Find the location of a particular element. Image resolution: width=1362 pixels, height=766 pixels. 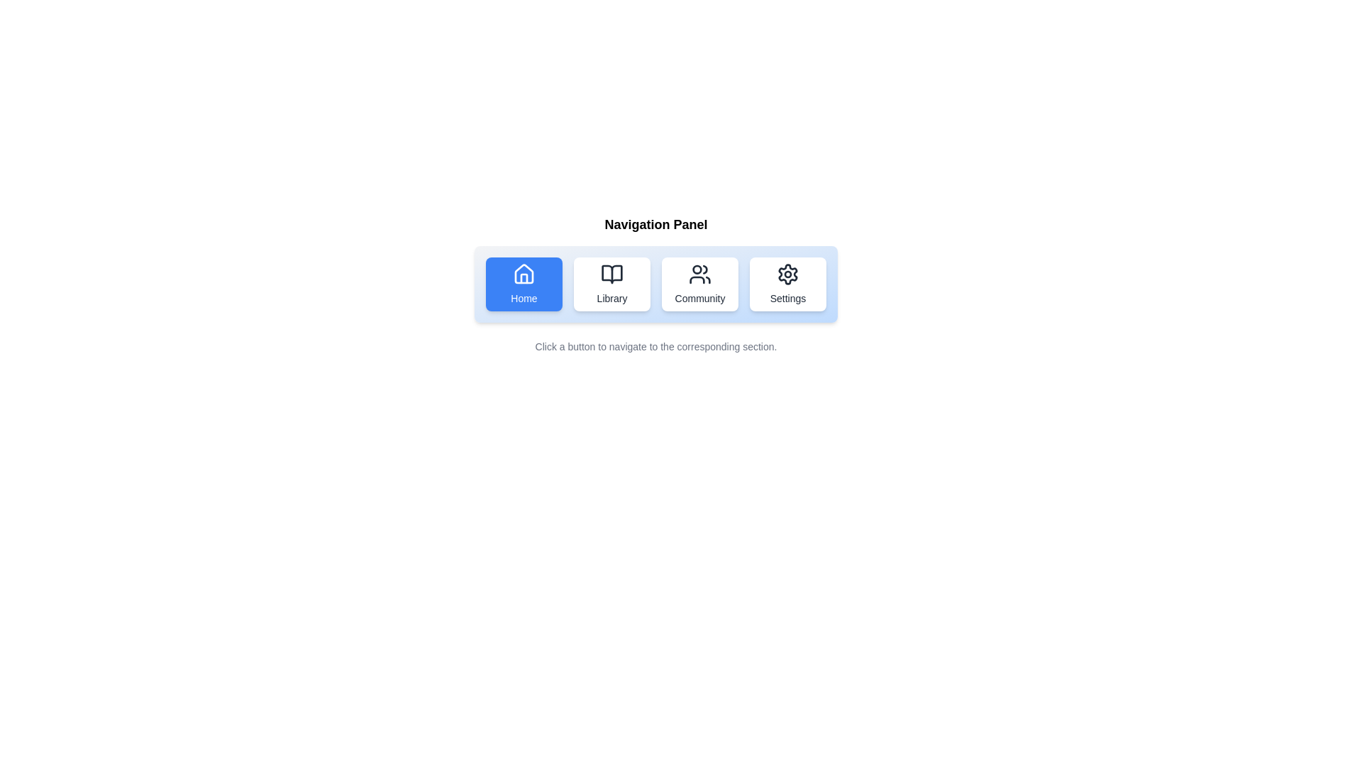

the 'Community' navigation button, which is the third button is located at coordinates (700, 284).